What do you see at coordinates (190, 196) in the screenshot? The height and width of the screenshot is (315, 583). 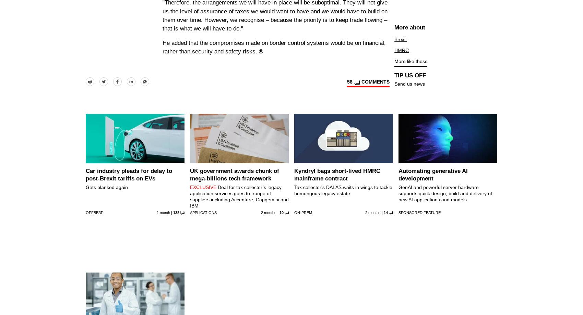 I see `'Deal for tax collector’s legacy application services goes to troupe of suppliers including Accenture, Capgemini and IBM'` at bounding box center [190, 196].